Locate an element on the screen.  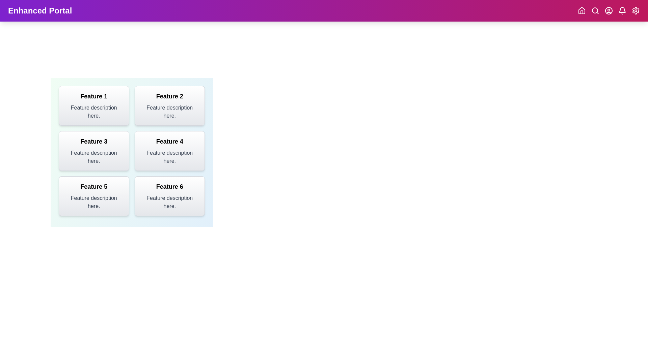
the Notifications navigation icon is located at coordinates (622, 10).